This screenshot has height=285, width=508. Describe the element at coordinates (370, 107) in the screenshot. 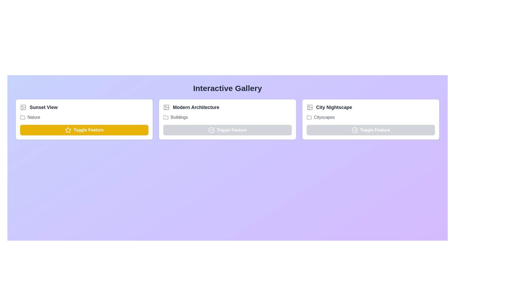

I see `the heading 'City Nightscape' with the accompanying image icon` at that location.